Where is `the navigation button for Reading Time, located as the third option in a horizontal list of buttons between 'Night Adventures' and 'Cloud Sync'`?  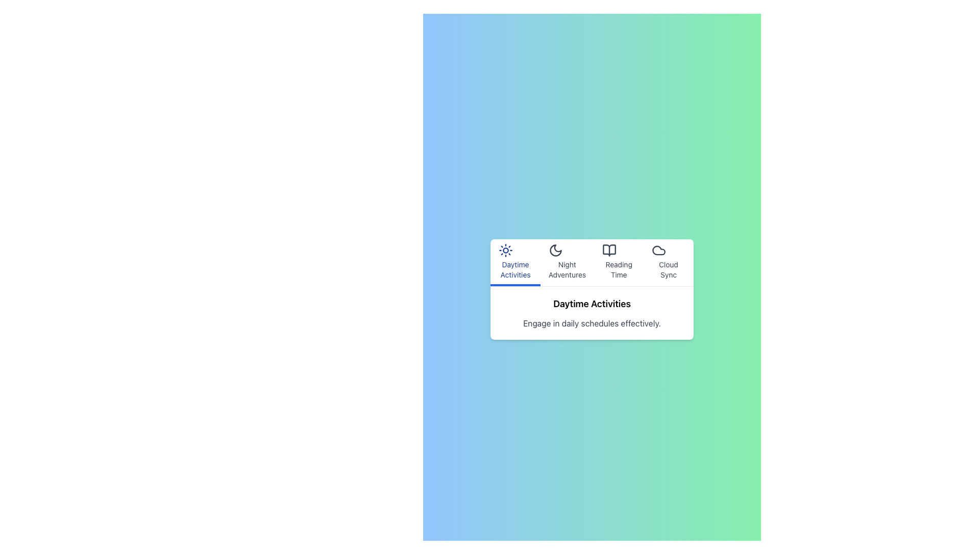
the navigation button for Reading Time, located as the third option in a horizontal list of buttons between 'Night Adventures' and 'Cloud Sync' is located at coordinates (618, 262).